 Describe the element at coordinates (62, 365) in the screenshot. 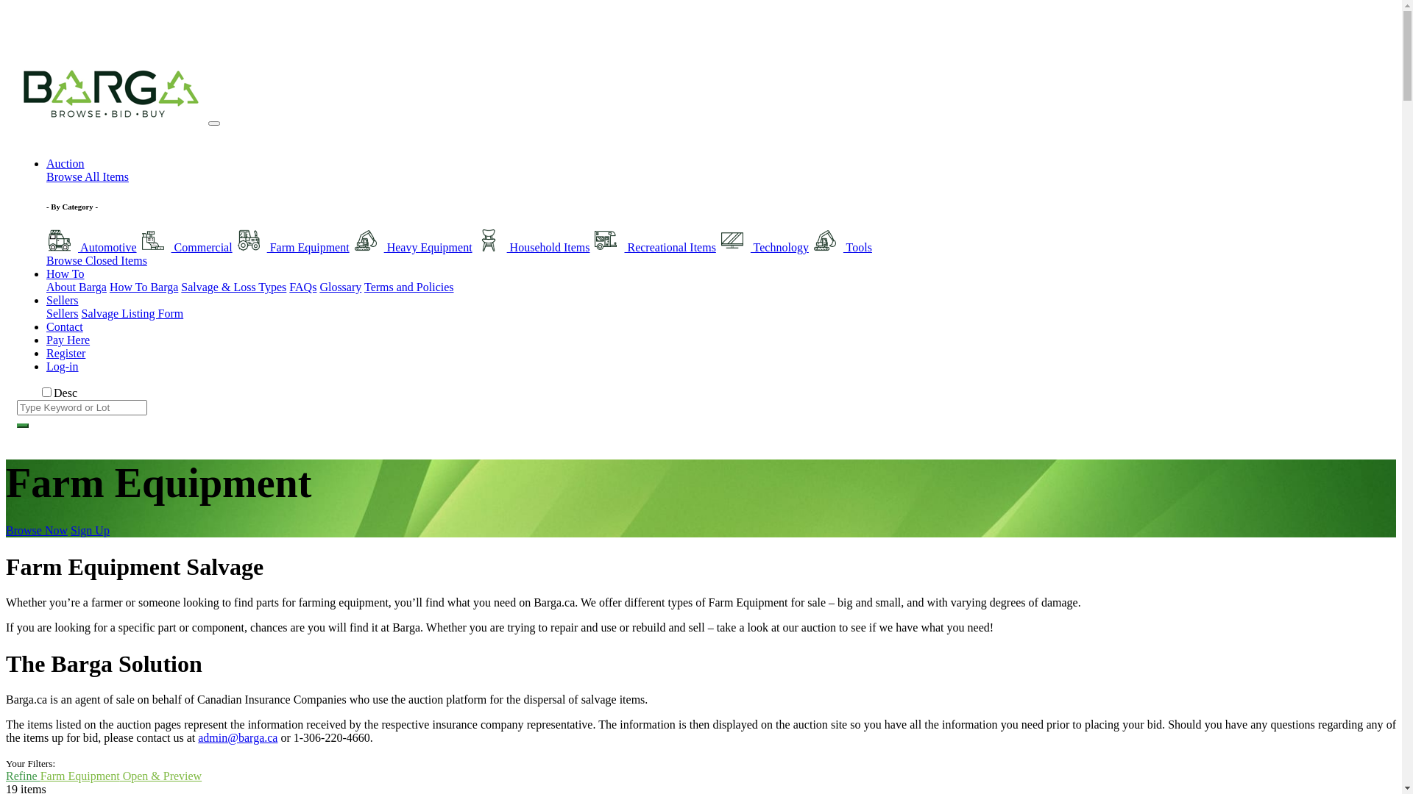

I see `'Log-in'` at that location.